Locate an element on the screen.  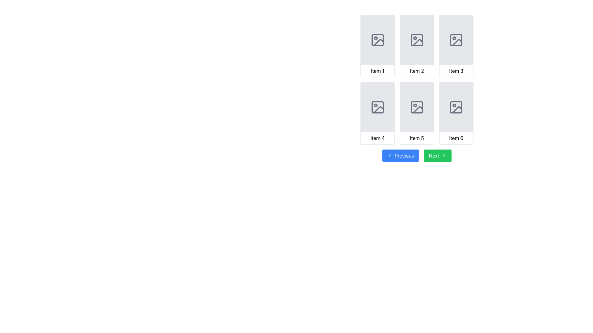
the card component representing 'Item 4' in the second row, first column of the grid layout is located at coordinates (377, 113).